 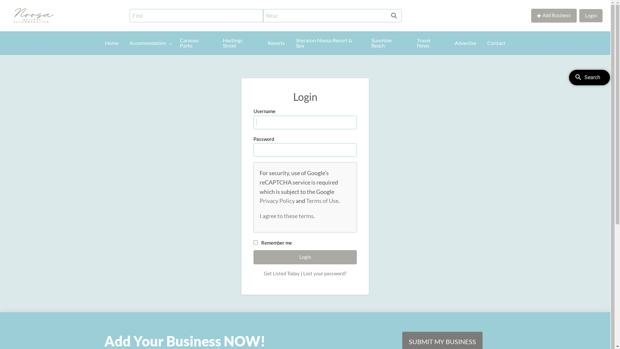 What do you see at coordinates (325, 273) in the screenshot?
I see `'Lost your password?'` at bounding box center [325, 273].